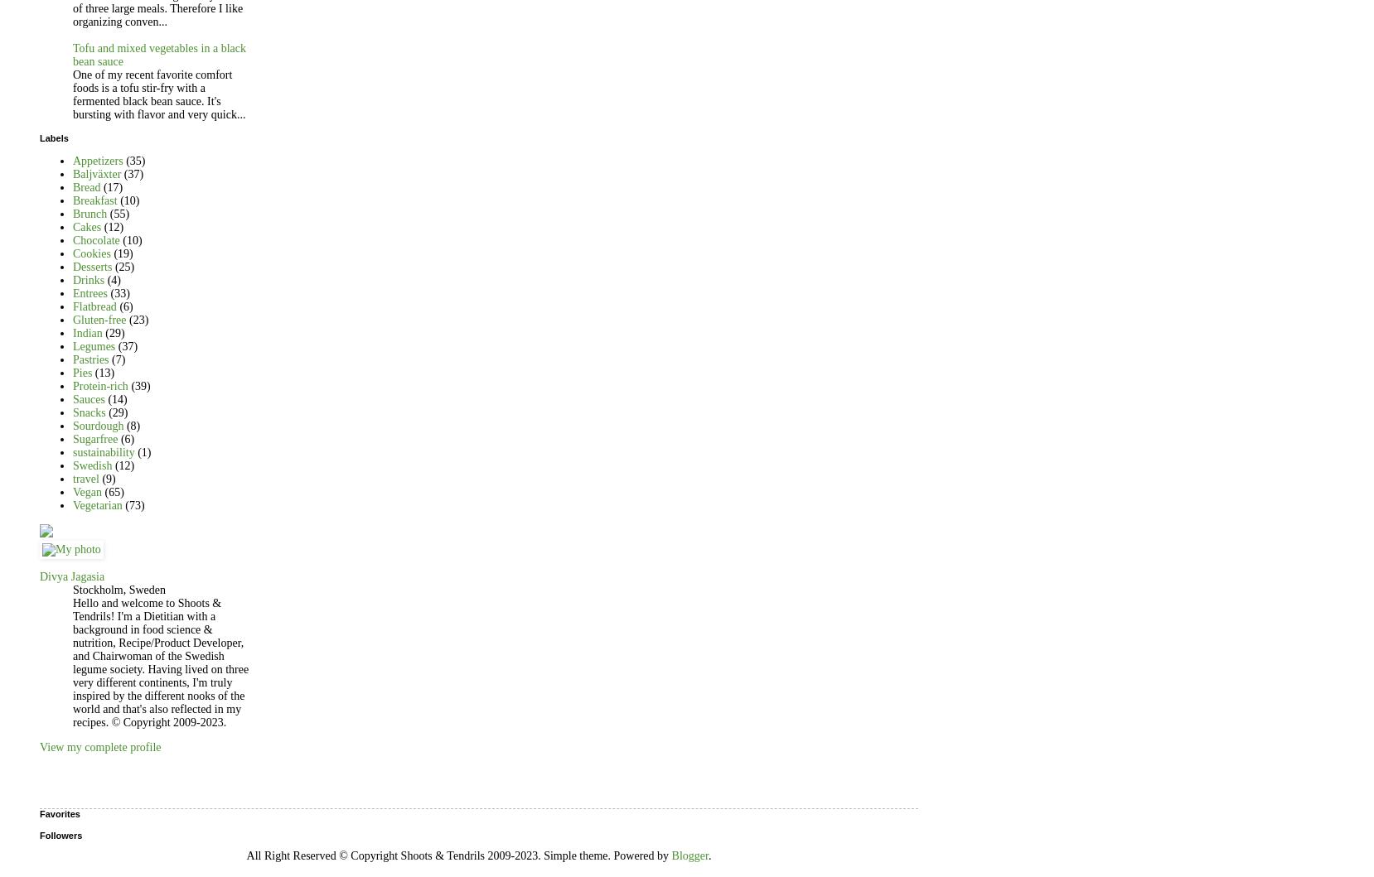 This screenshot has width=1374, height=877. I want to click on '(13)', so click(104, 373).